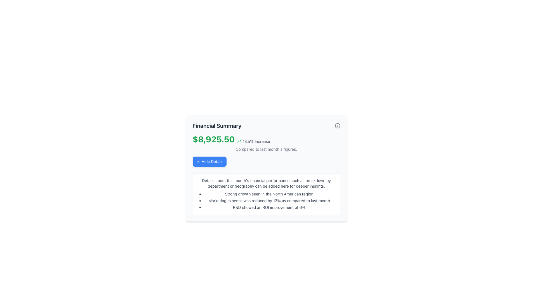 The height and width of the screenshot is (302, 537). What do you see at coordinates (337, 126) in the screenshot?
I see `attributes of the circular outline element within the SVG layout located in the top right corner of the 'Financial Summary' box` at bounding box center [337, 126].